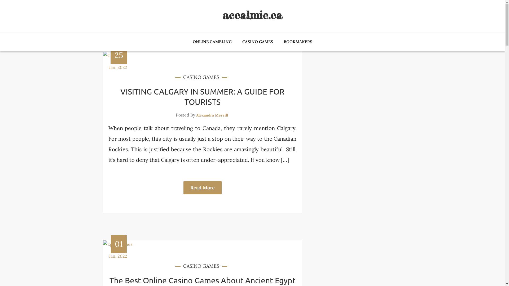 Image resolution: width=509 pixels, height=286 pixels. I want to click on 'accalmie.ca', so click(252, 15).